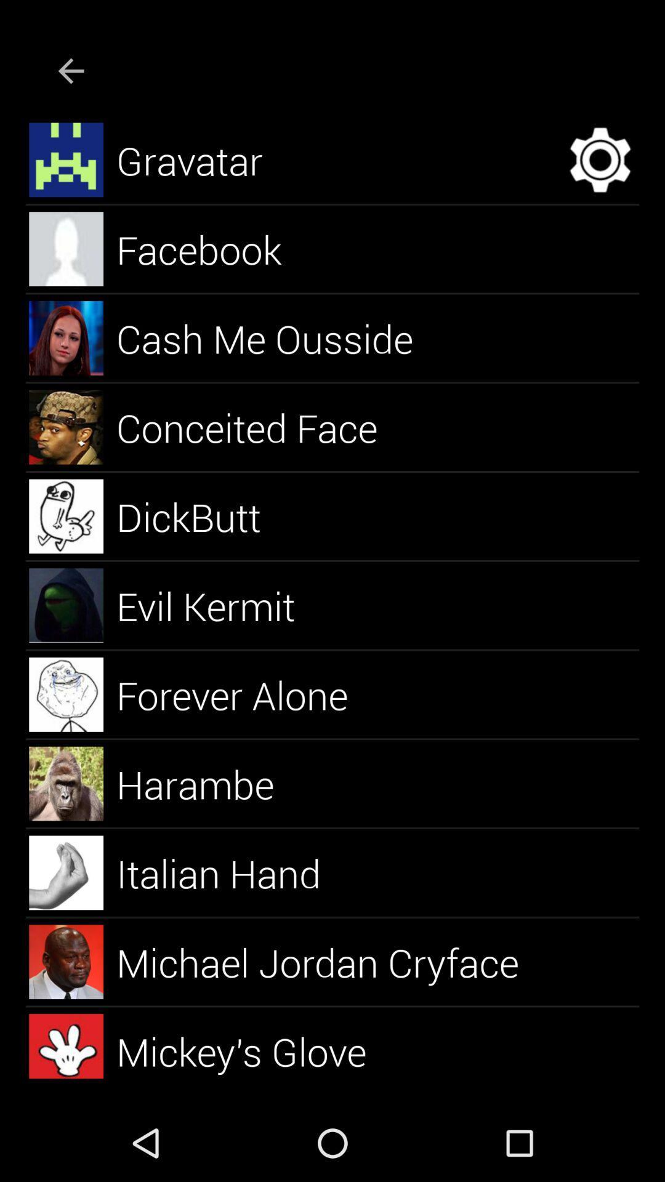 This screenshot has height=1182, width=665. Describe the element at coordinates (212, 248) in the screenshot. I see `facebook` at that location.